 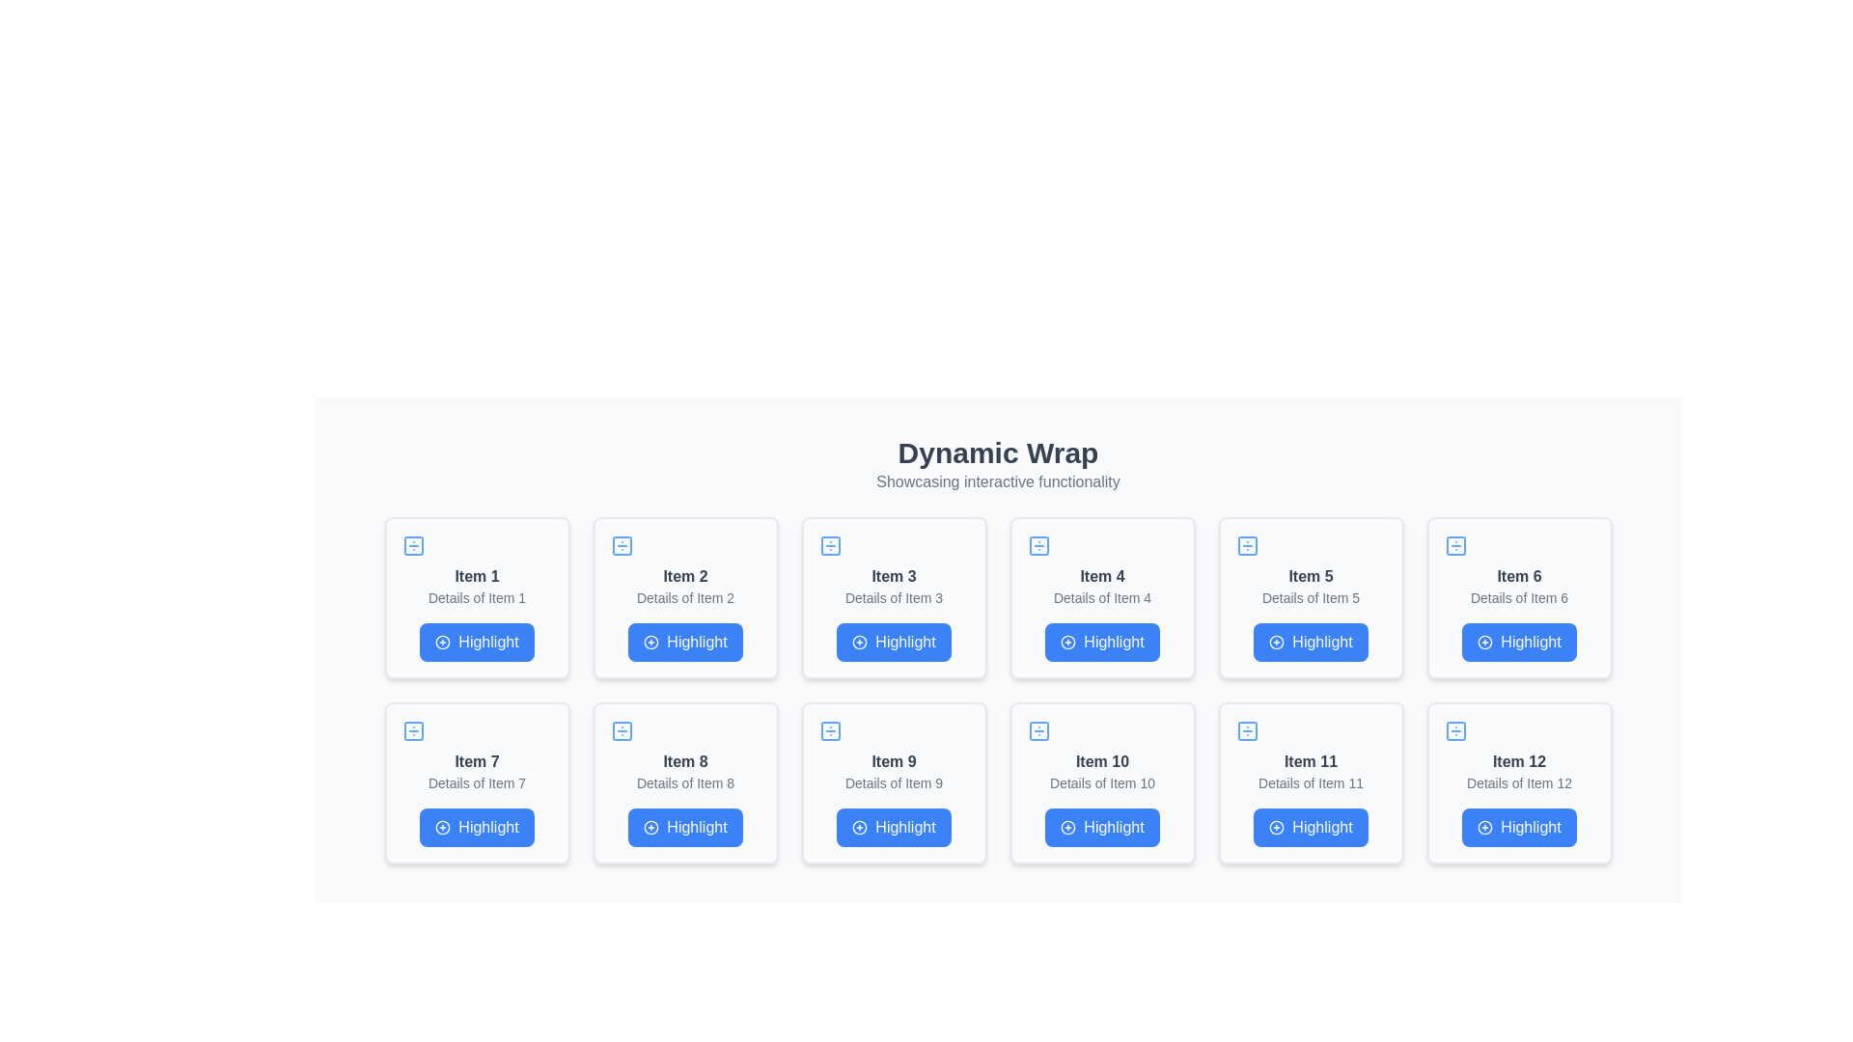 What do you see at coordinates (1518, 826) in the screenshot?
I see `the blue 'Highlight' button with a white label and a small circular plus icon located in the bottom section of the card labeled 'Item 12' in the last column of the layout's second row` at bounding box center [1518, 826].